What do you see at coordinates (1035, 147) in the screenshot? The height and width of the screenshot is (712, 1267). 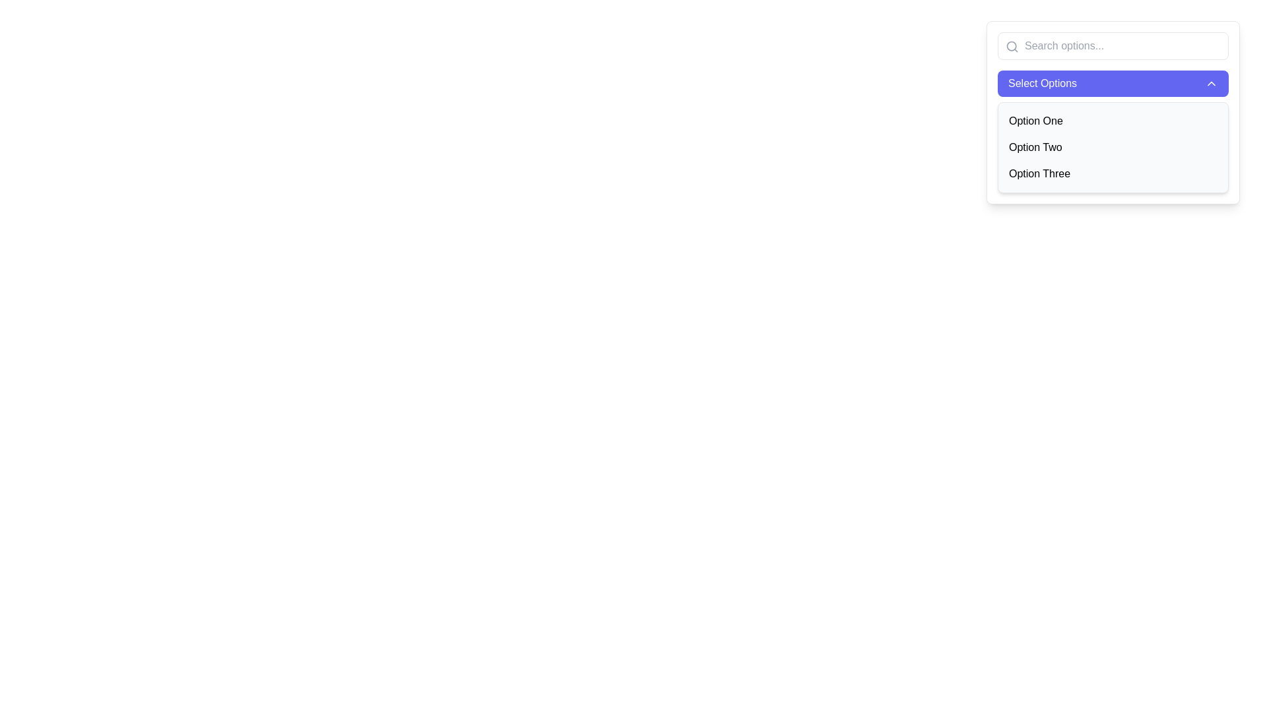 I see `the text label displaying 'Option Two' within the dropdown menu` at bounding box center [1035, 147].